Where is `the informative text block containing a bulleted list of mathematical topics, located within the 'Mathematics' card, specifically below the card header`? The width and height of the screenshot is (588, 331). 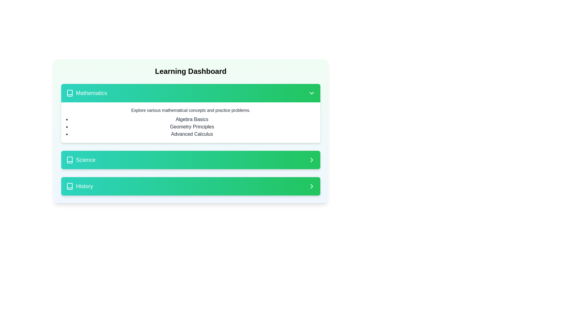
the informative text block containing a bulleted list of mathematical topics, located within the 'Mathematics' card, specifically below the card header is located at coordinates (190, 123).